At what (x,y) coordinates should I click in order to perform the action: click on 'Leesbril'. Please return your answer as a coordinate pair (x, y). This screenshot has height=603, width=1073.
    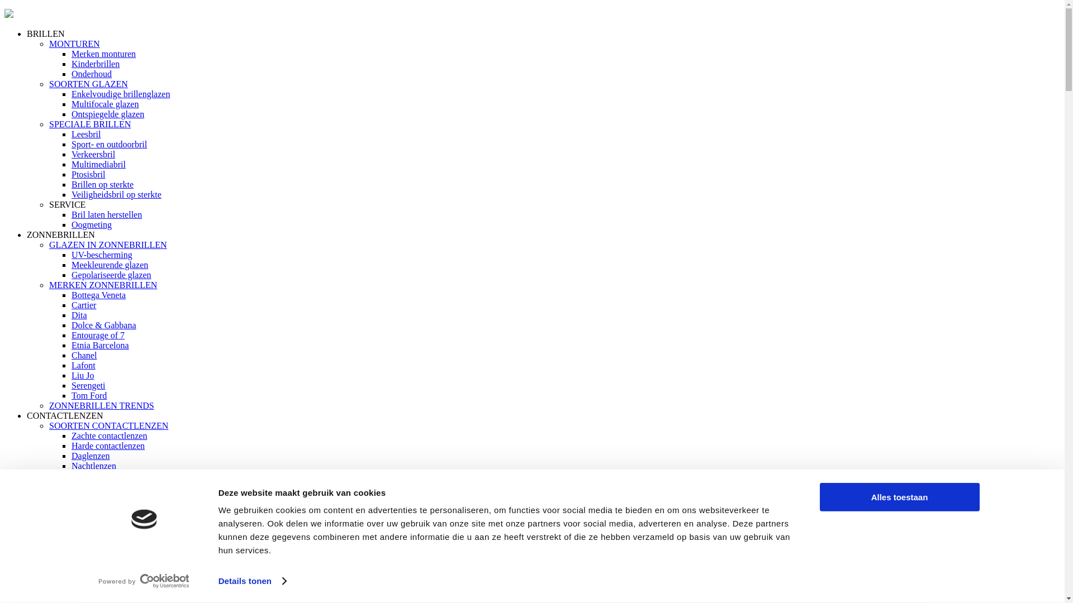
    Looking at the image, I should click on (71, 133).